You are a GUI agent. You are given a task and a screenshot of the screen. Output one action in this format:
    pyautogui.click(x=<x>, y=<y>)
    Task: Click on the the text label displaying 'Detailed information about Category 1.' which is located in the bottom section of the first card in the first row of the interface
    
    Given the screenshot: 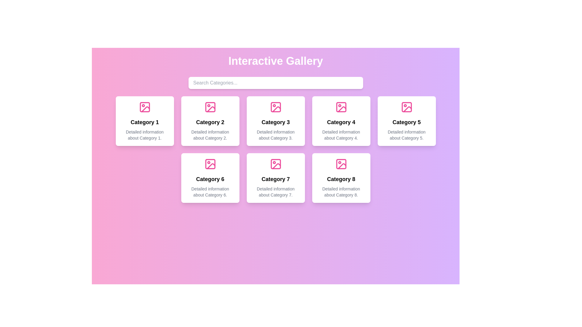 What is the action you would take?
    pyautogui.click(x=144, y=135)
    